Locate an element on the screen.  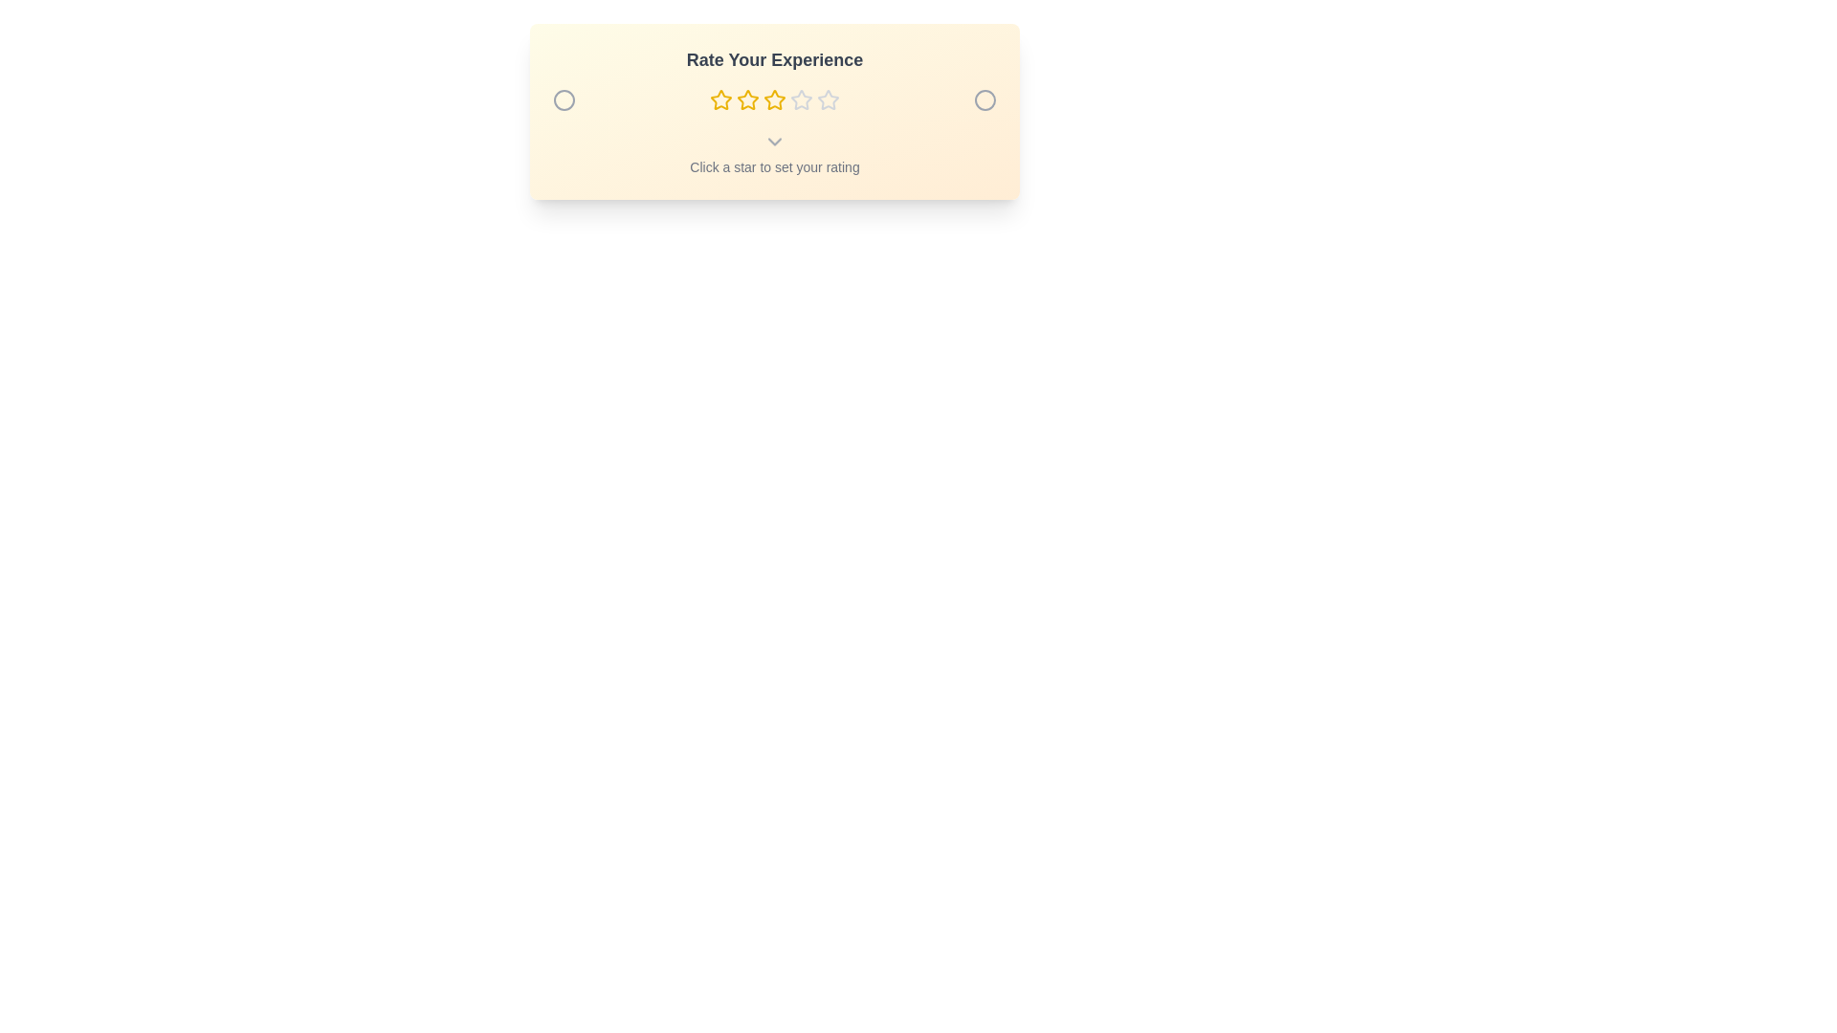
text below the stars is located at coordinates (775, 154).